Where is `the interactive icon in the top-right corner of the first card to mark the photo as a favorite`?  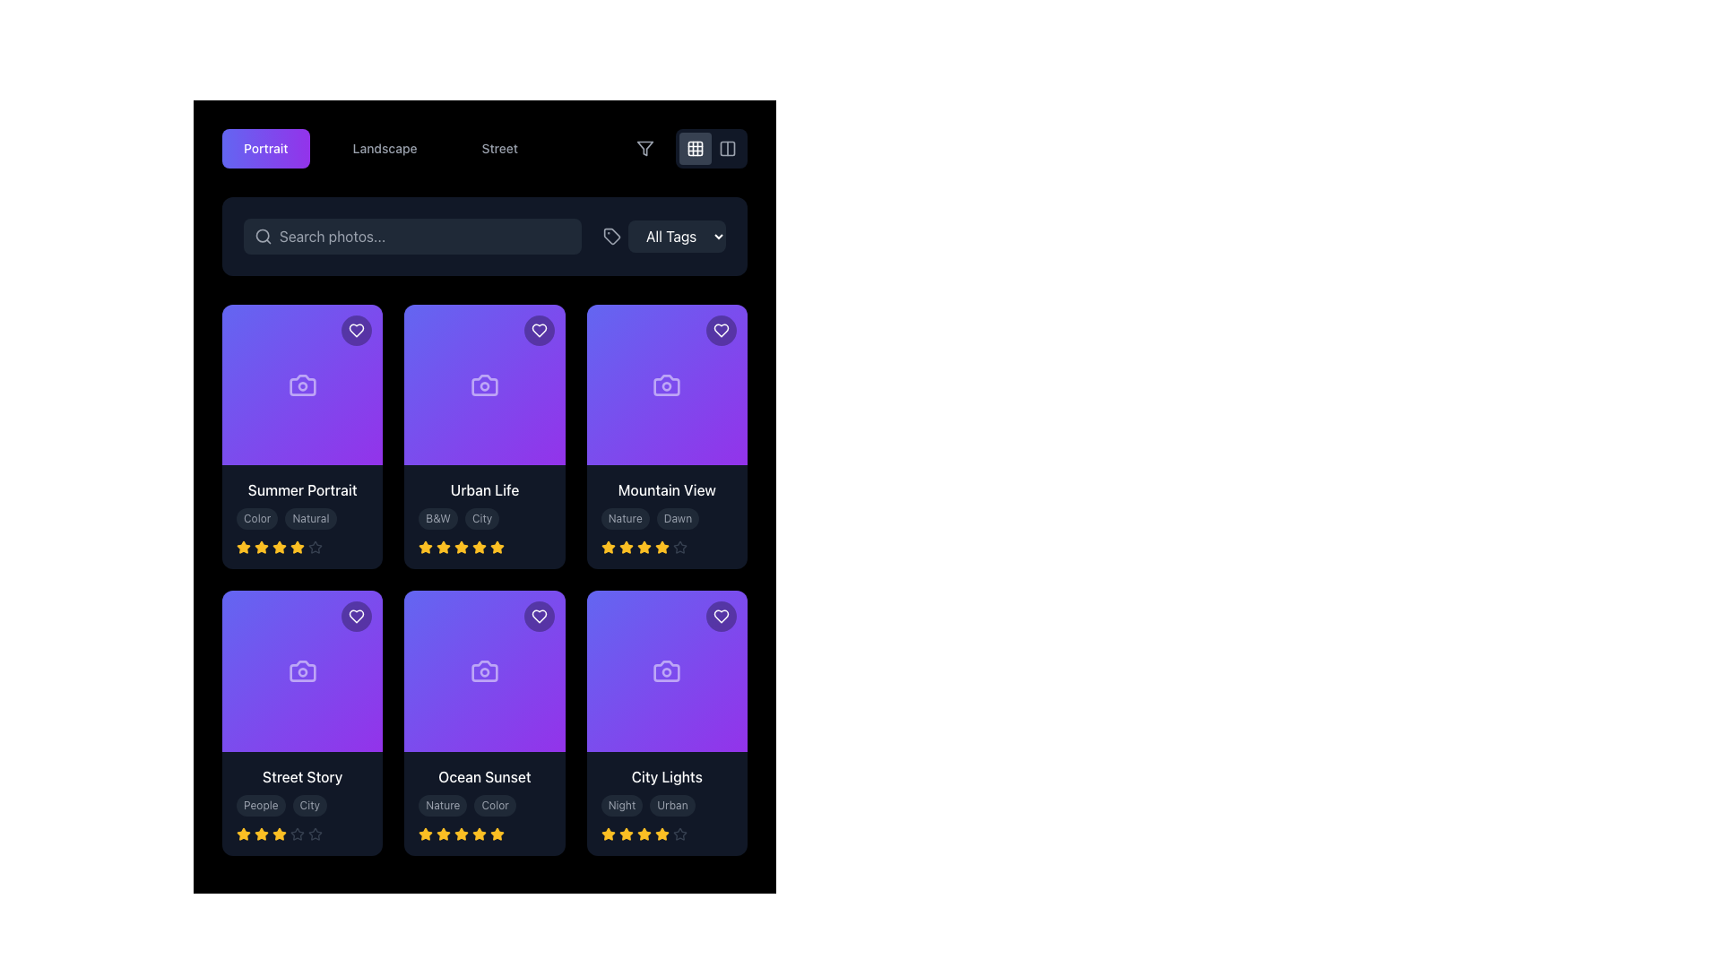 the interactive icon in the top-right corner of the first card to mark the photo as a favorite is located at coordinates (357, 331).